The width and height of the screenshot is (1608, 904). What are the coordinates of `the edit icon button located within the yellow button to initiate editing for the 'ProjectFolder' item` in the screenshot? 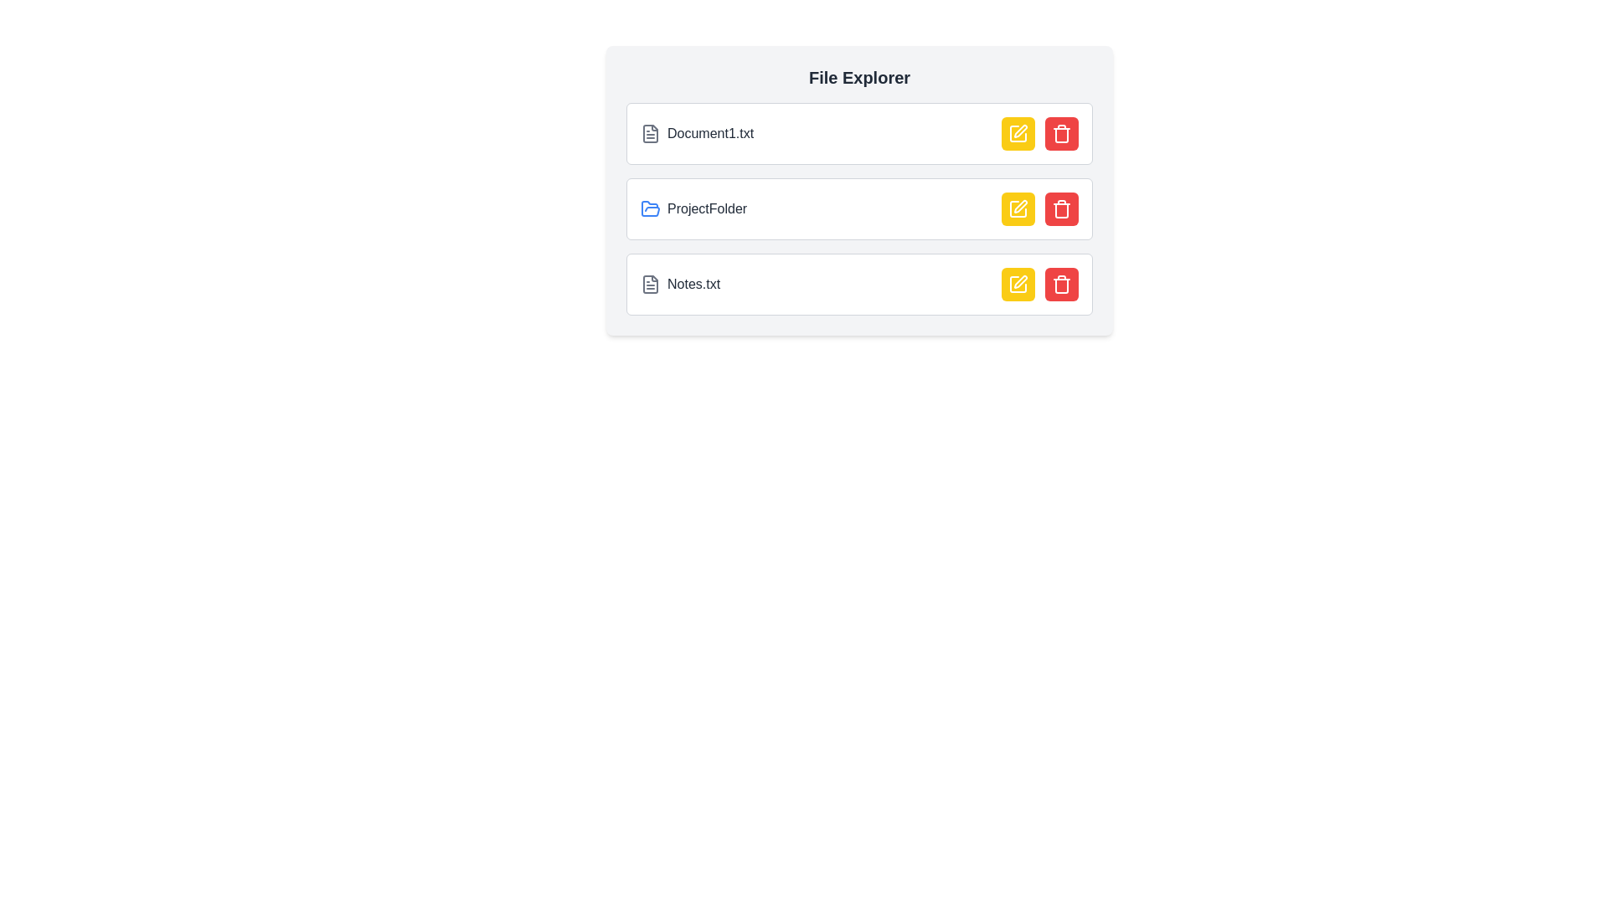 It's located at (1017, 208).